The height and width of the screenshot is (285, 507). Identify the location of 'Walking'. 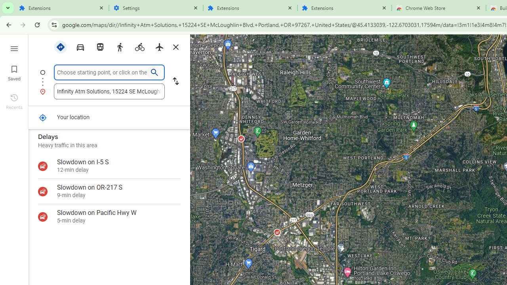
(119, 46).